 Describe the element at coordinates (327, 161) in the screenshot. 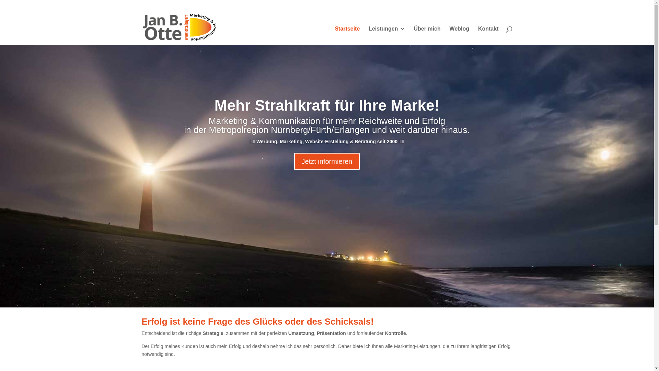

I see `'Jetzt informieren'` at that location.